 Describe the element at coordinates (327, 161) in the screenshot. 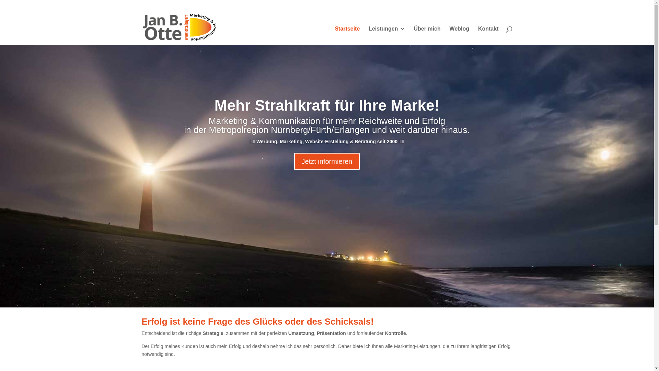

I see `'Jetzt informieren'` at that location.